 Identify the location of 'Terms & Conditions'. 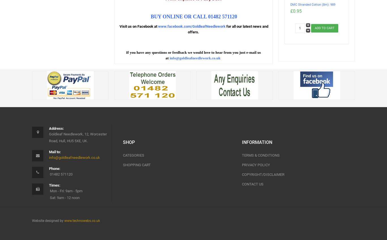
(241, 155).